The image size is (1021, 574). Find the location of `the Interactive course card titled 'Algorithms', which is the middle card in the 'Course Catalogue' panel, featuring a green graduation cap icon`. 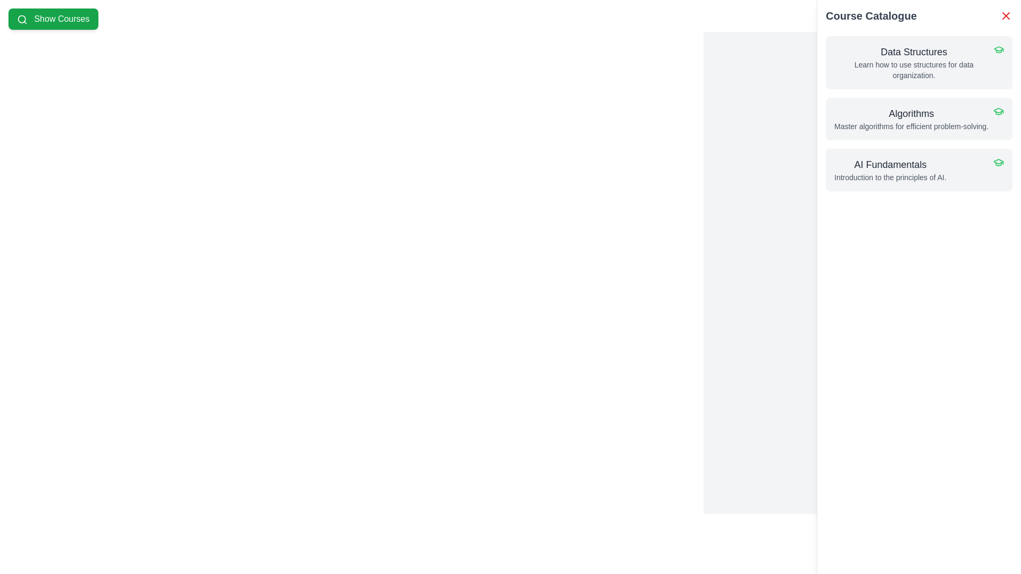

the Interactive course card titled 'Algorithms', which is the middle card in the 'Course Catalogue' panel, featuring a green graduation cap icon is located at coordinates (918, 119).